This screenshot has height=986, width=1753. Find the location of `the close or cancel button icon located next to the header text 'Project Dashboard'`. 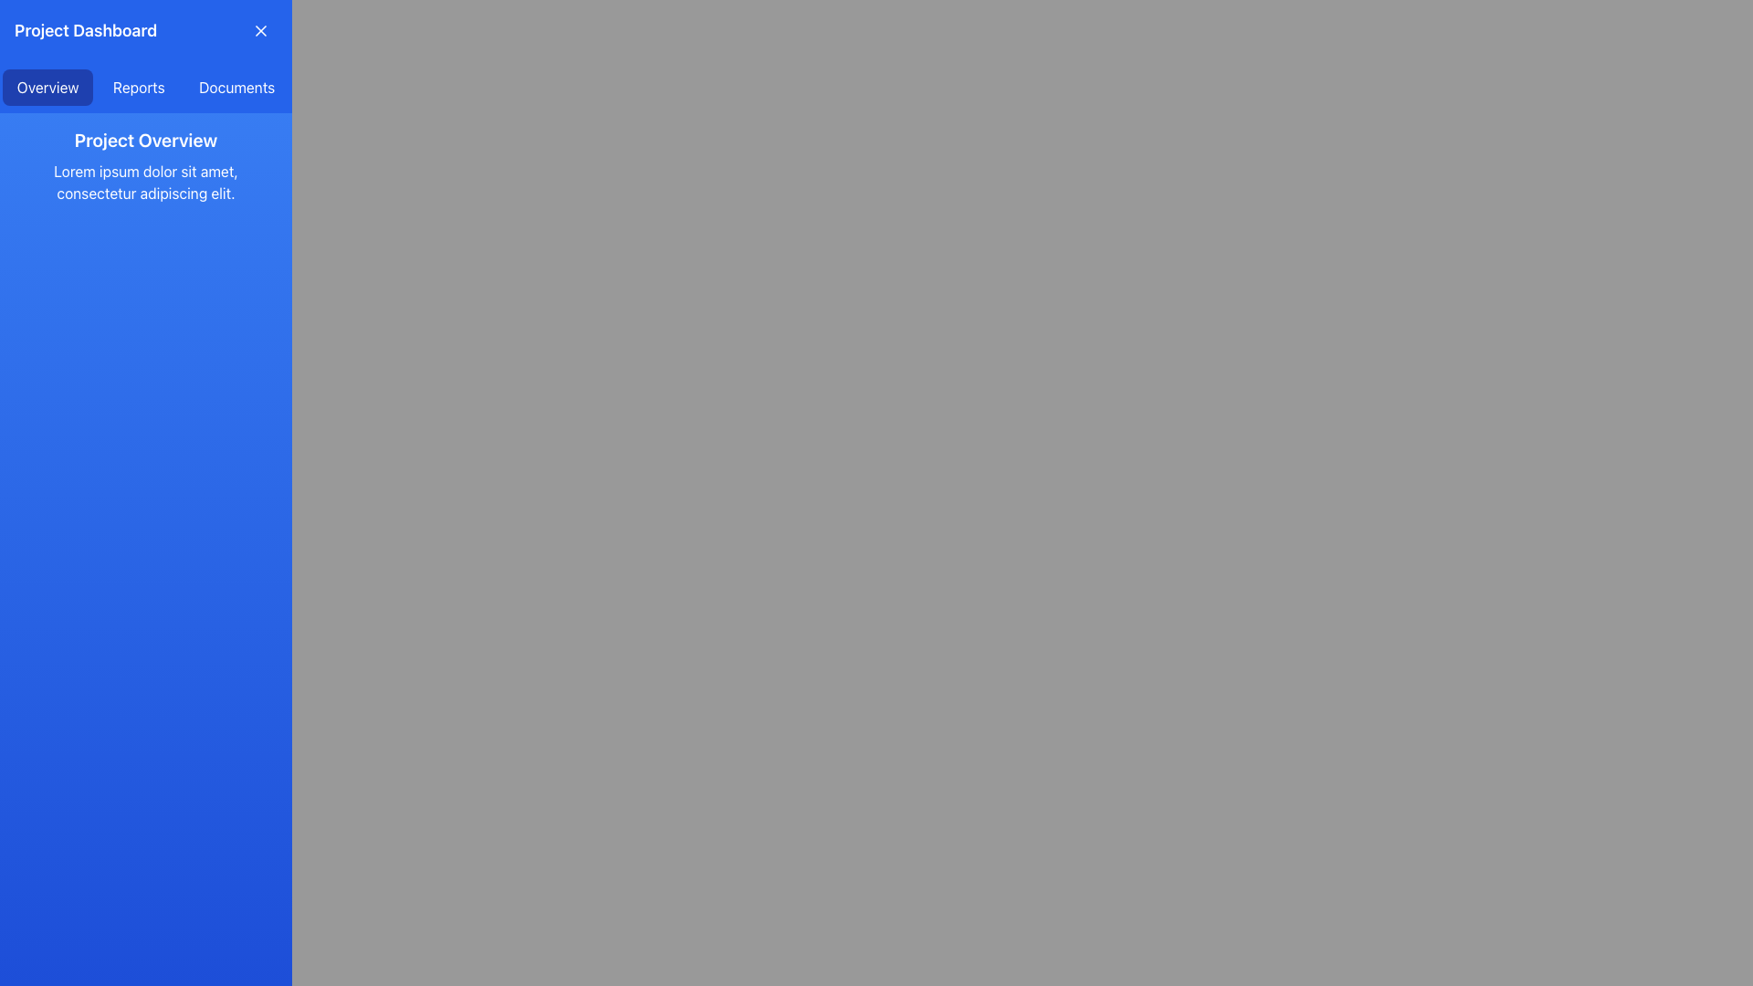

the close or cancel button icon located next to the header text 'Project Dashboard' is located at coordinates (260, 31).